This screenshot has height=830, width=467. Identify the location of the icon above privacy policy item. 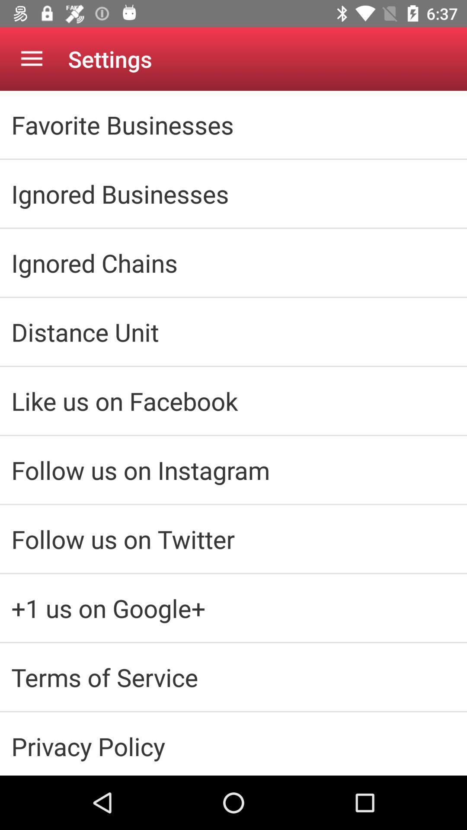
(233, 677).